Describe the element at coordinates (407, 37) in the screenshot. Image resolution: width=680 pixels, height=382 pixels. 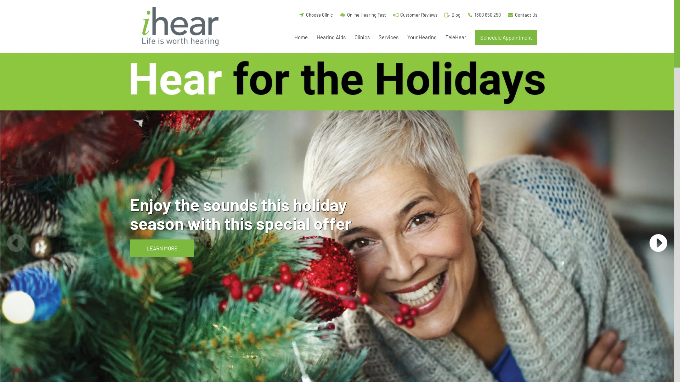
I see `'Your Hearing'` at that location.